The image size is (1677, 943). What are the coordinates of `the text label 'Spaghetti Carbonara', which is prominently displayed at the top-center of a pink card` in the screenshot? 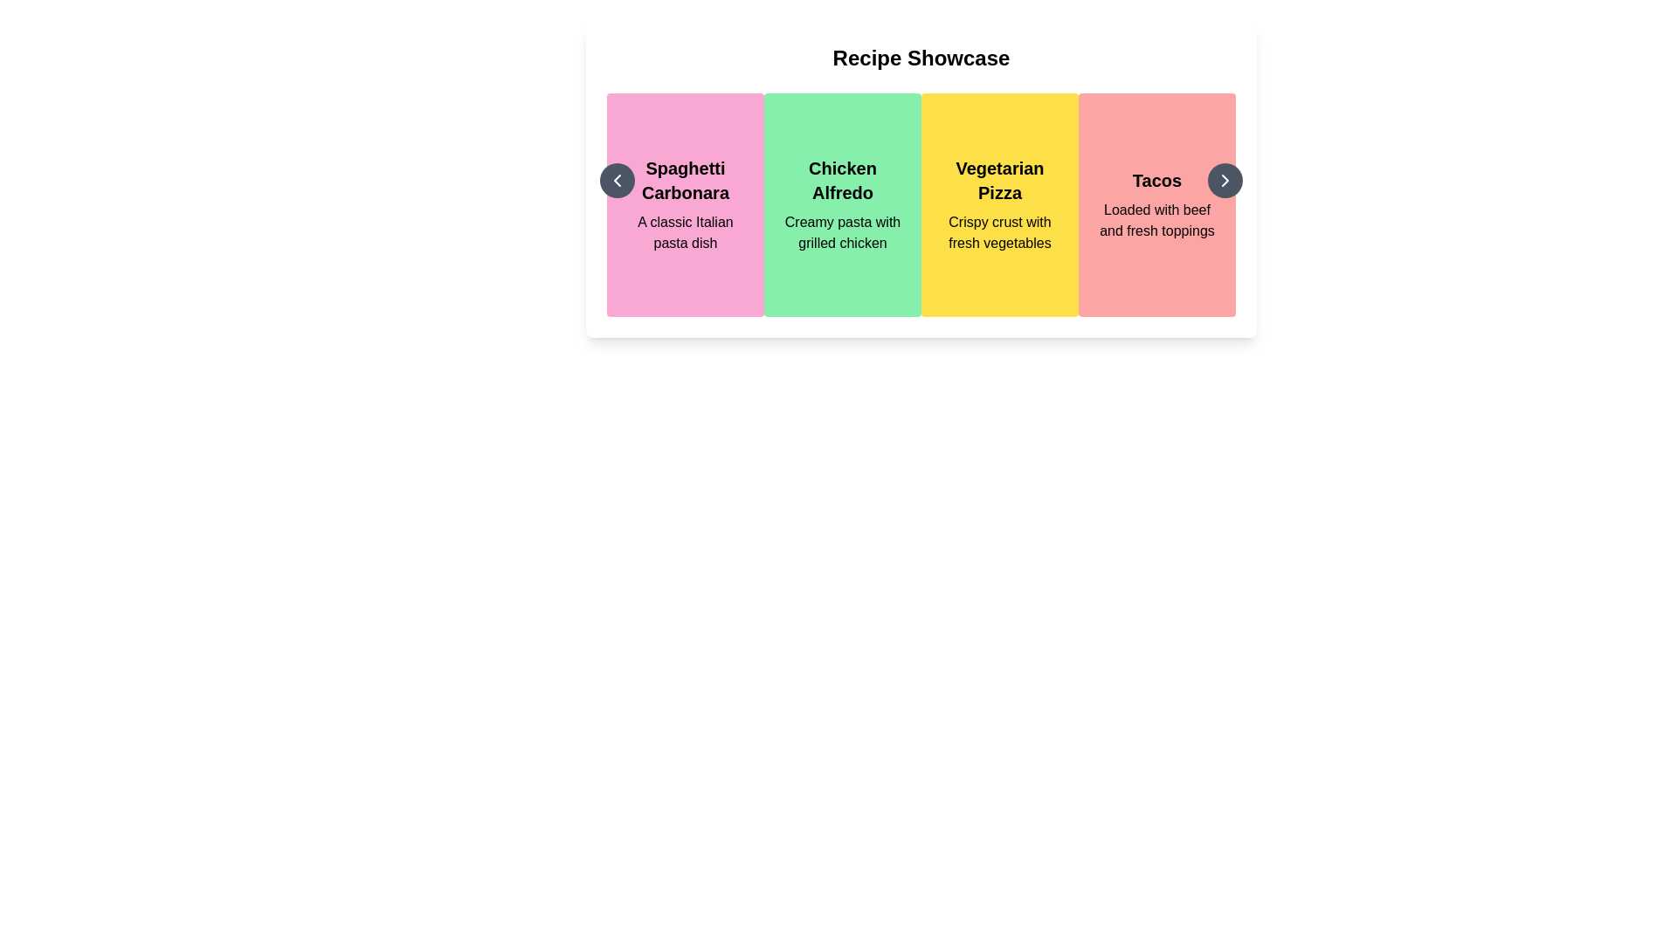 It's located at (685, 181).